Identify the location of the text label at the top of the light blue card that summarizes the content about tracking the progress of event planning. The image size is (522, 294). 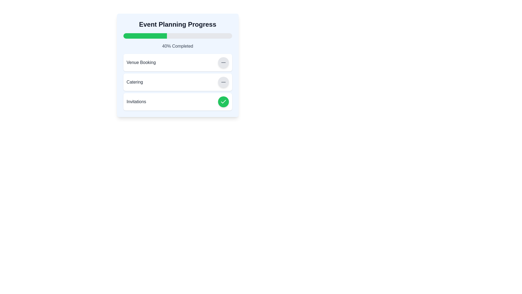
(178, 24).